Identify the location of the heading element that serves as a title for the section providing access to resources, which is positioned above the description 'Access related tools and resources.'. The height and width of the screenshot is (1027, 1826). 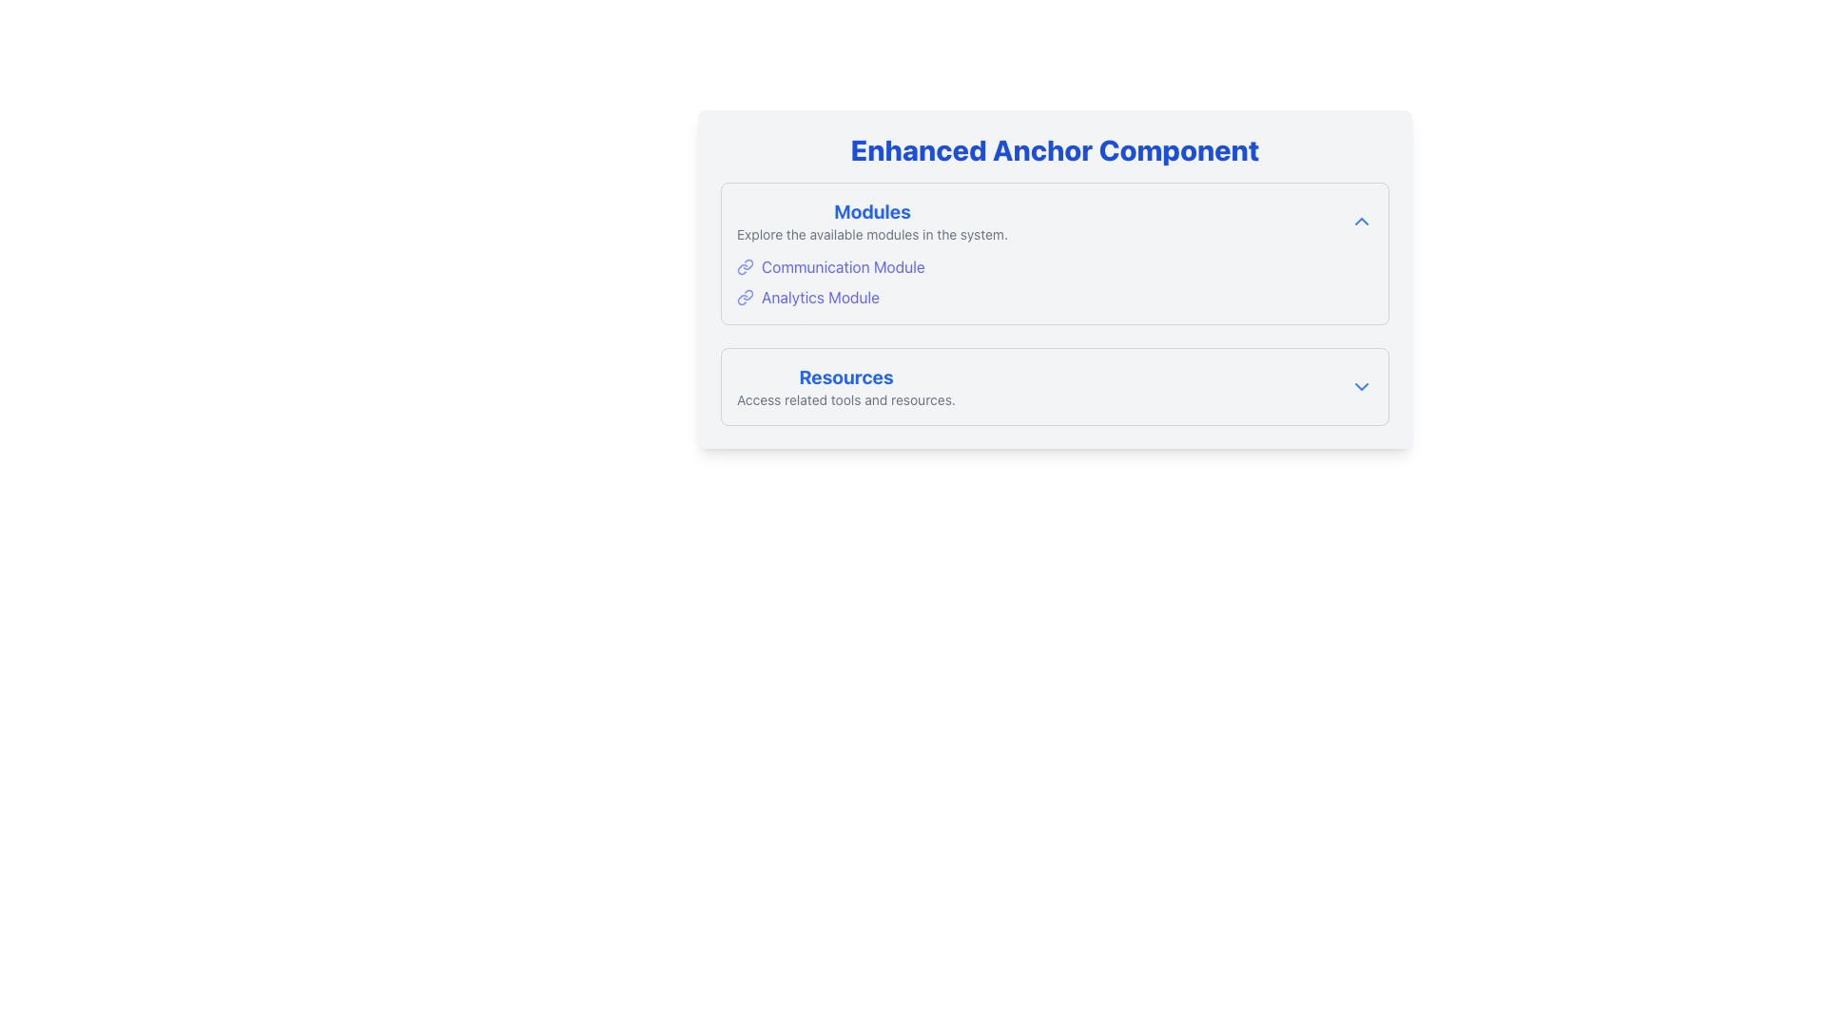
(845, 378).